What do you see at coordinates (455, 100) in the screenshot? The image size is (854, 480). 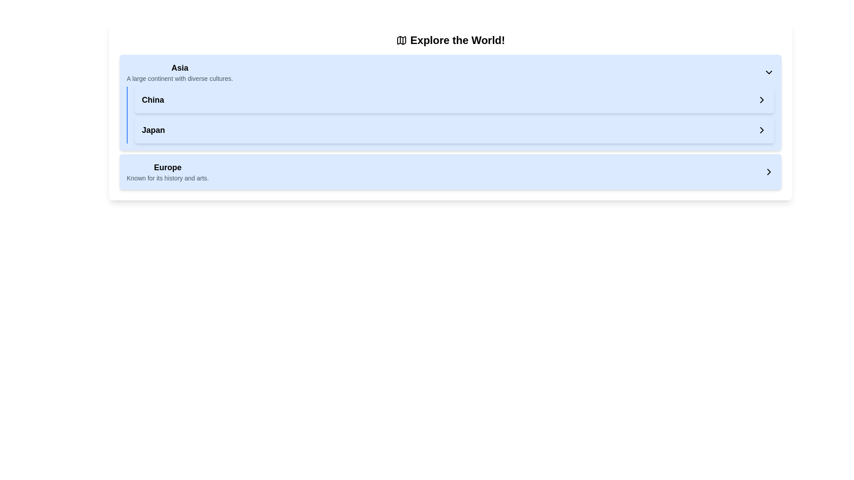 I see `the 'China' button or selectable panel with a light blue background` at bounding box center [455, 100].